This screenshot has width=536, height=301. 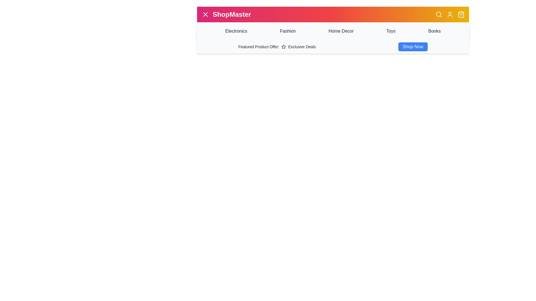 What do you see at coordinates (461, 14) in the screenshot?
I see `the shopping bag icon to access the shopping cart` at bounding box center [461, 14].